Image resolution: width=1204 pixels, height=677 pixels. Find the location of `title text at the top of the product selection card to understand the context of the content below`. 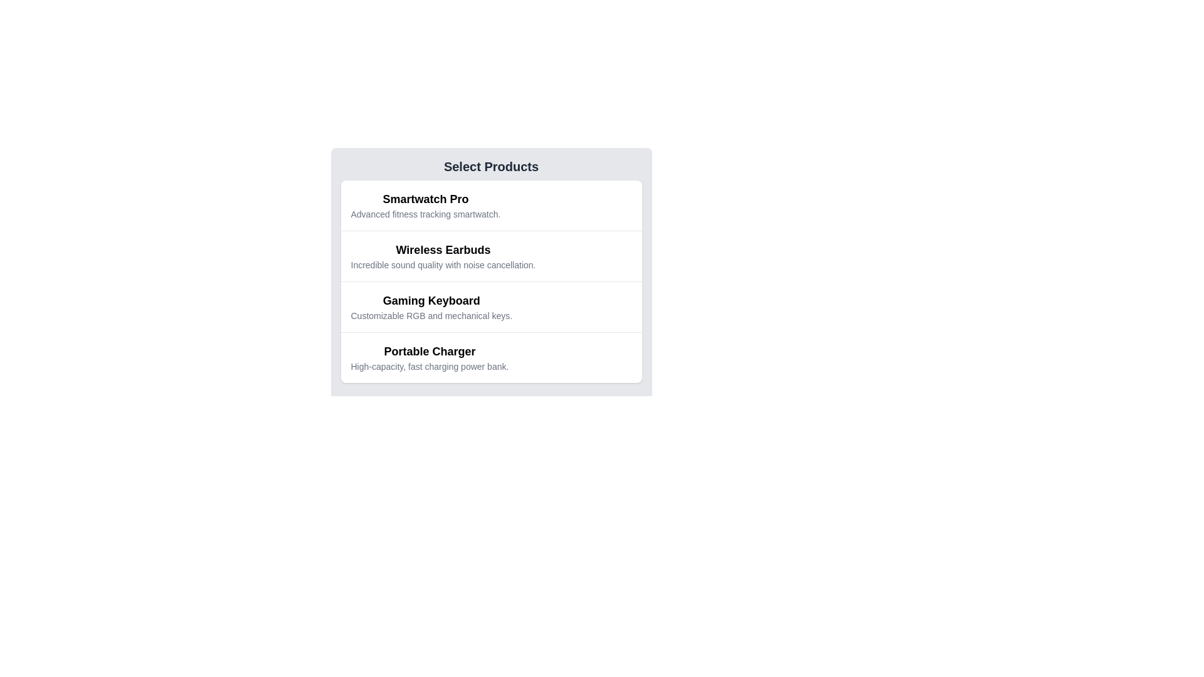

title text at the top of the product selection card to understand the context of the content below is located at coordinates (490, 166).